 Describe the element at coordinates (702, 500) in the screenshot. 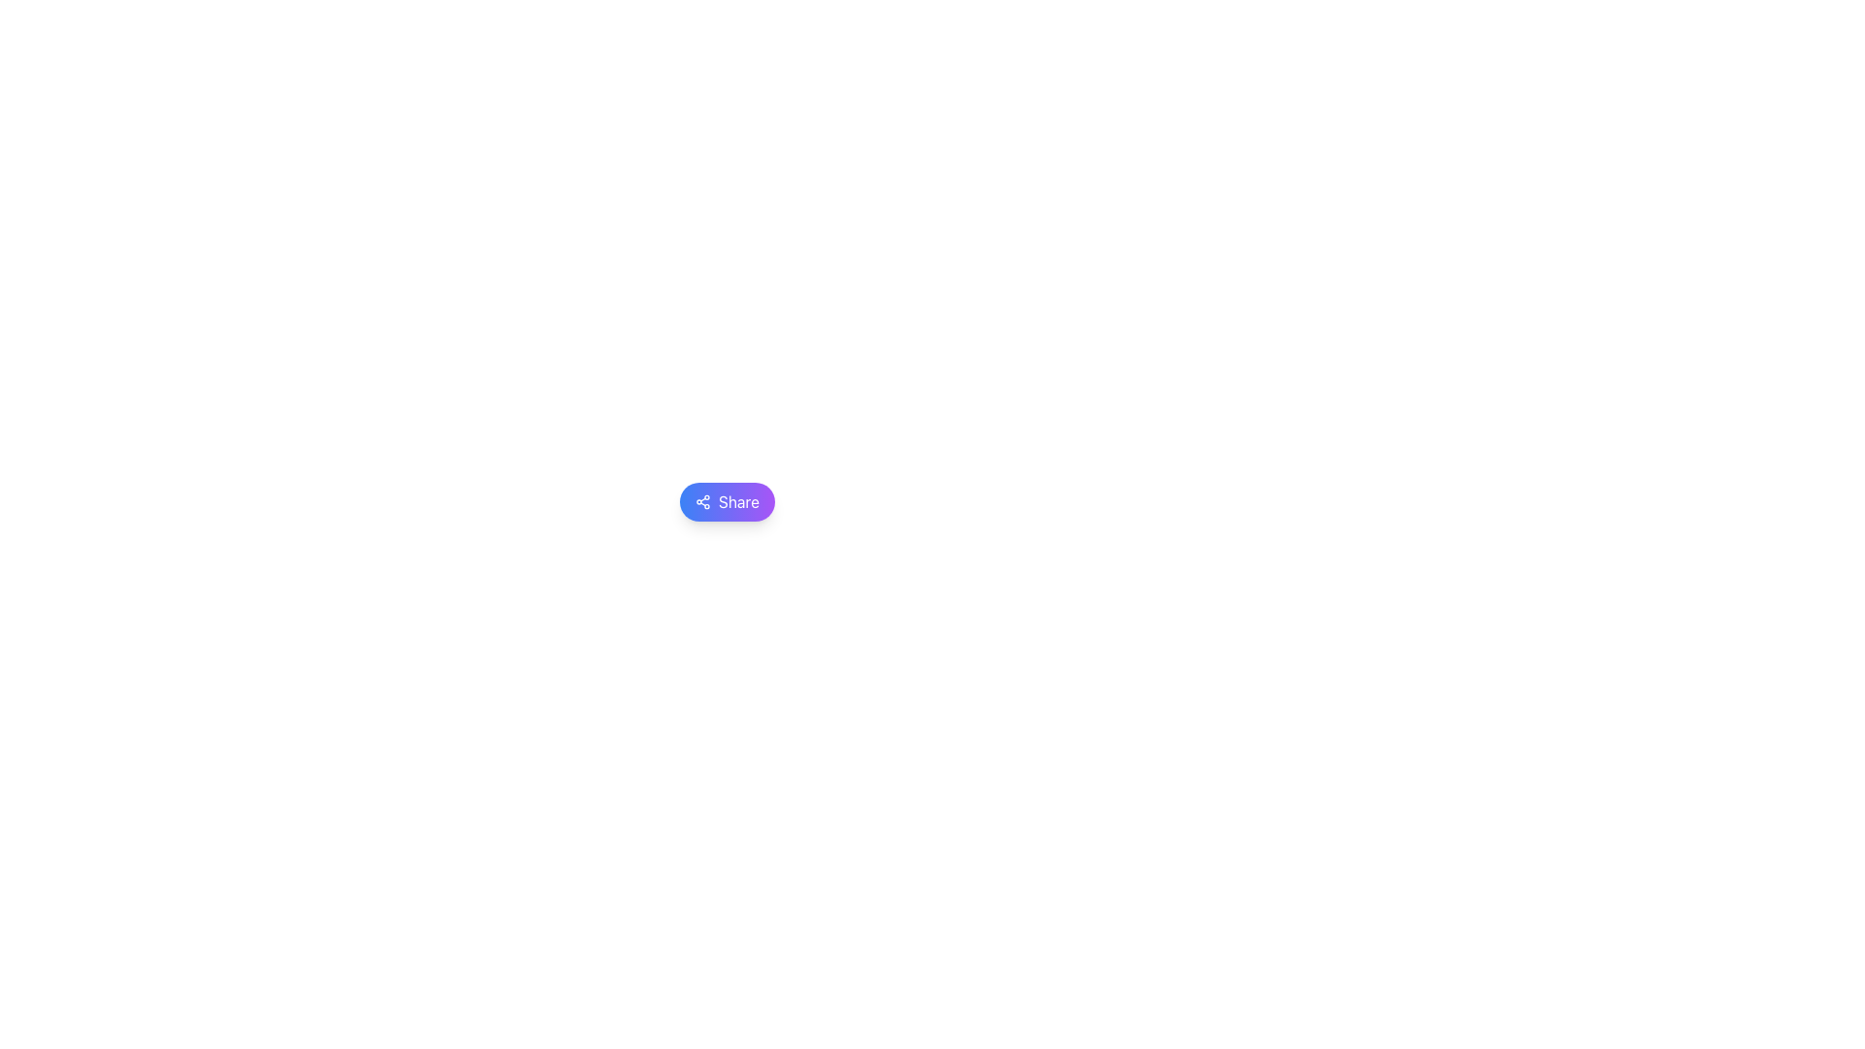

I see `the 'Share' button which contains an icon on the left side of the 'Share' text` at that location.